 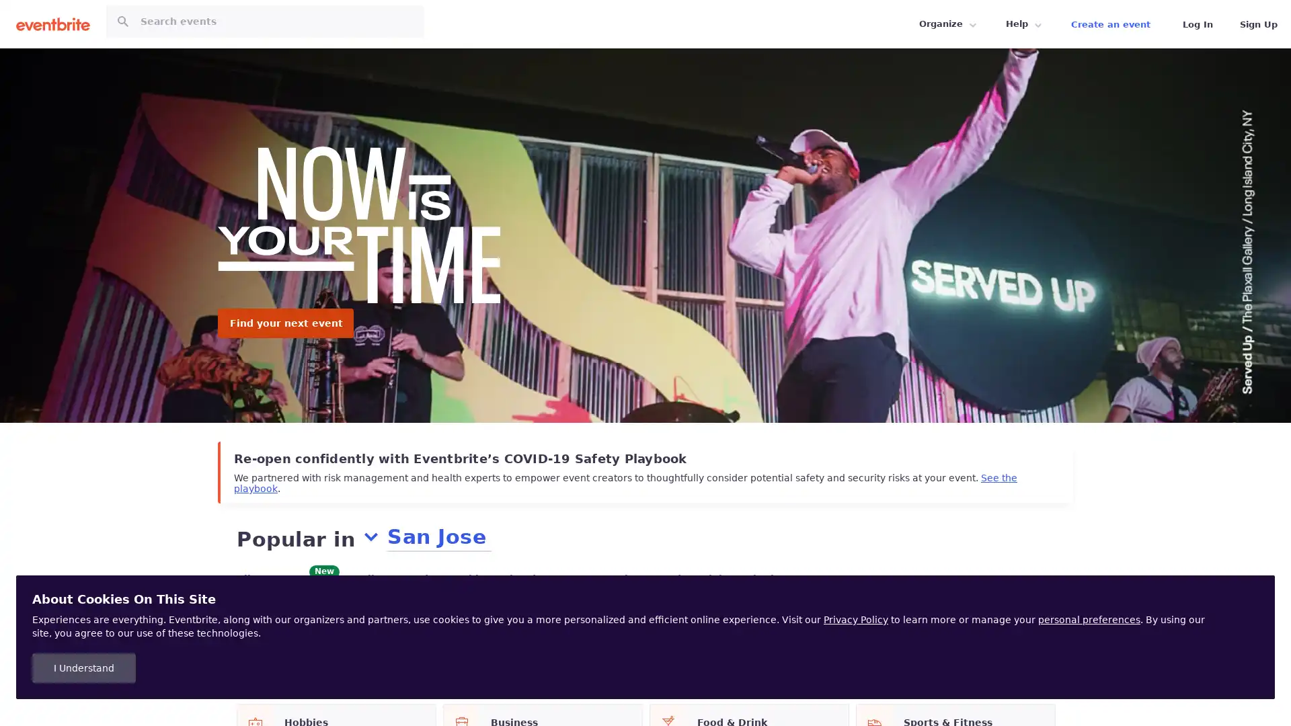 What do you see at coordinates (498, 577) in the screenshot?
I see `This weekend` at bounding box center [498, 577].